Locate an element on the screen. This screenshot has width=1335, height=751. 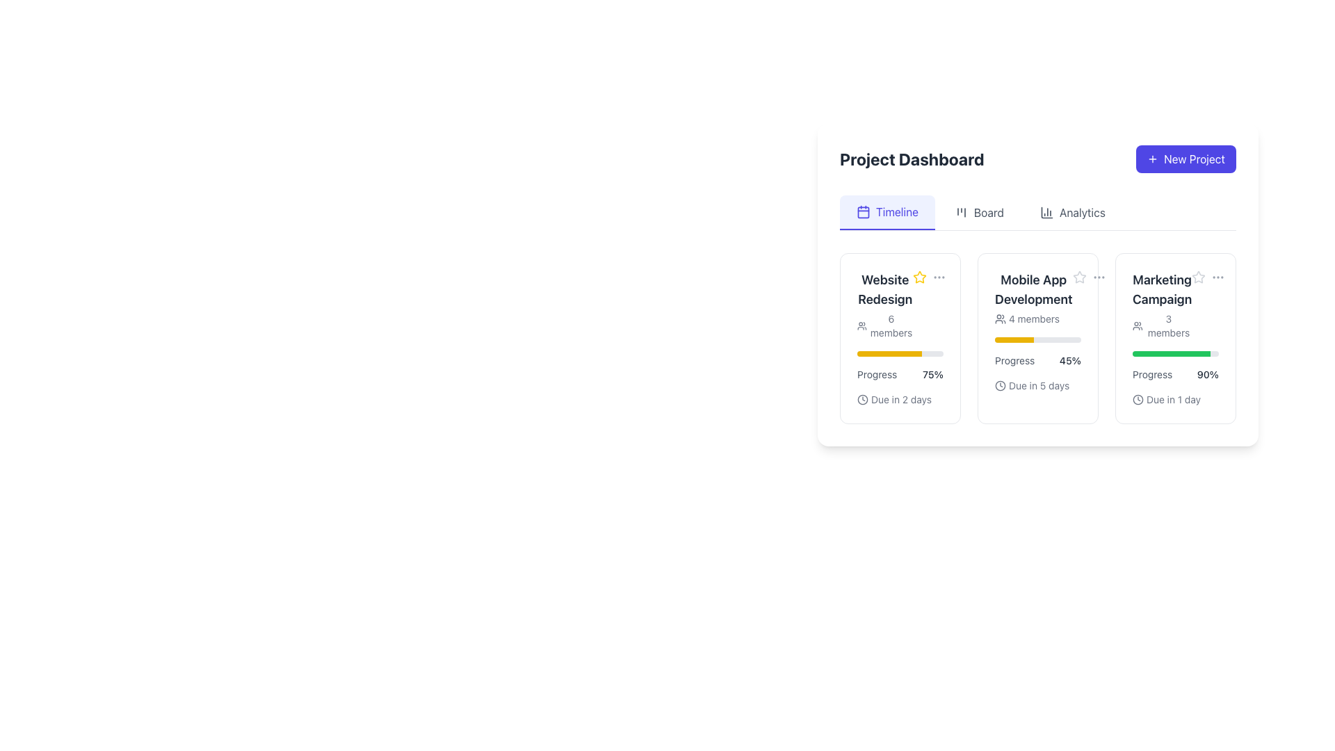
the 'Website Redesign' text label, which is prominently displayed in a bold, large font within the card on the Project Dashboard is located at coordinates (884, 289).